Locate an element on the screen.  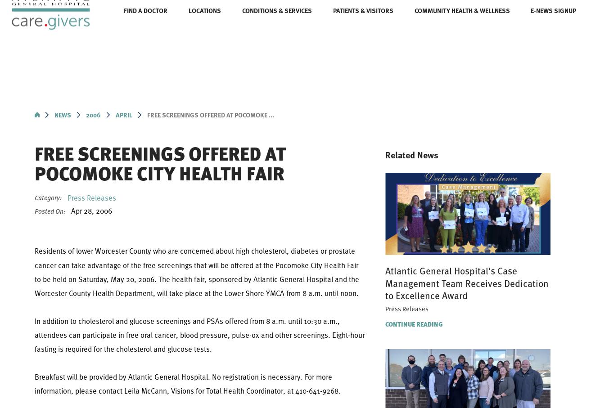
'Diabetes Services' is located at coordinates (453, 90).